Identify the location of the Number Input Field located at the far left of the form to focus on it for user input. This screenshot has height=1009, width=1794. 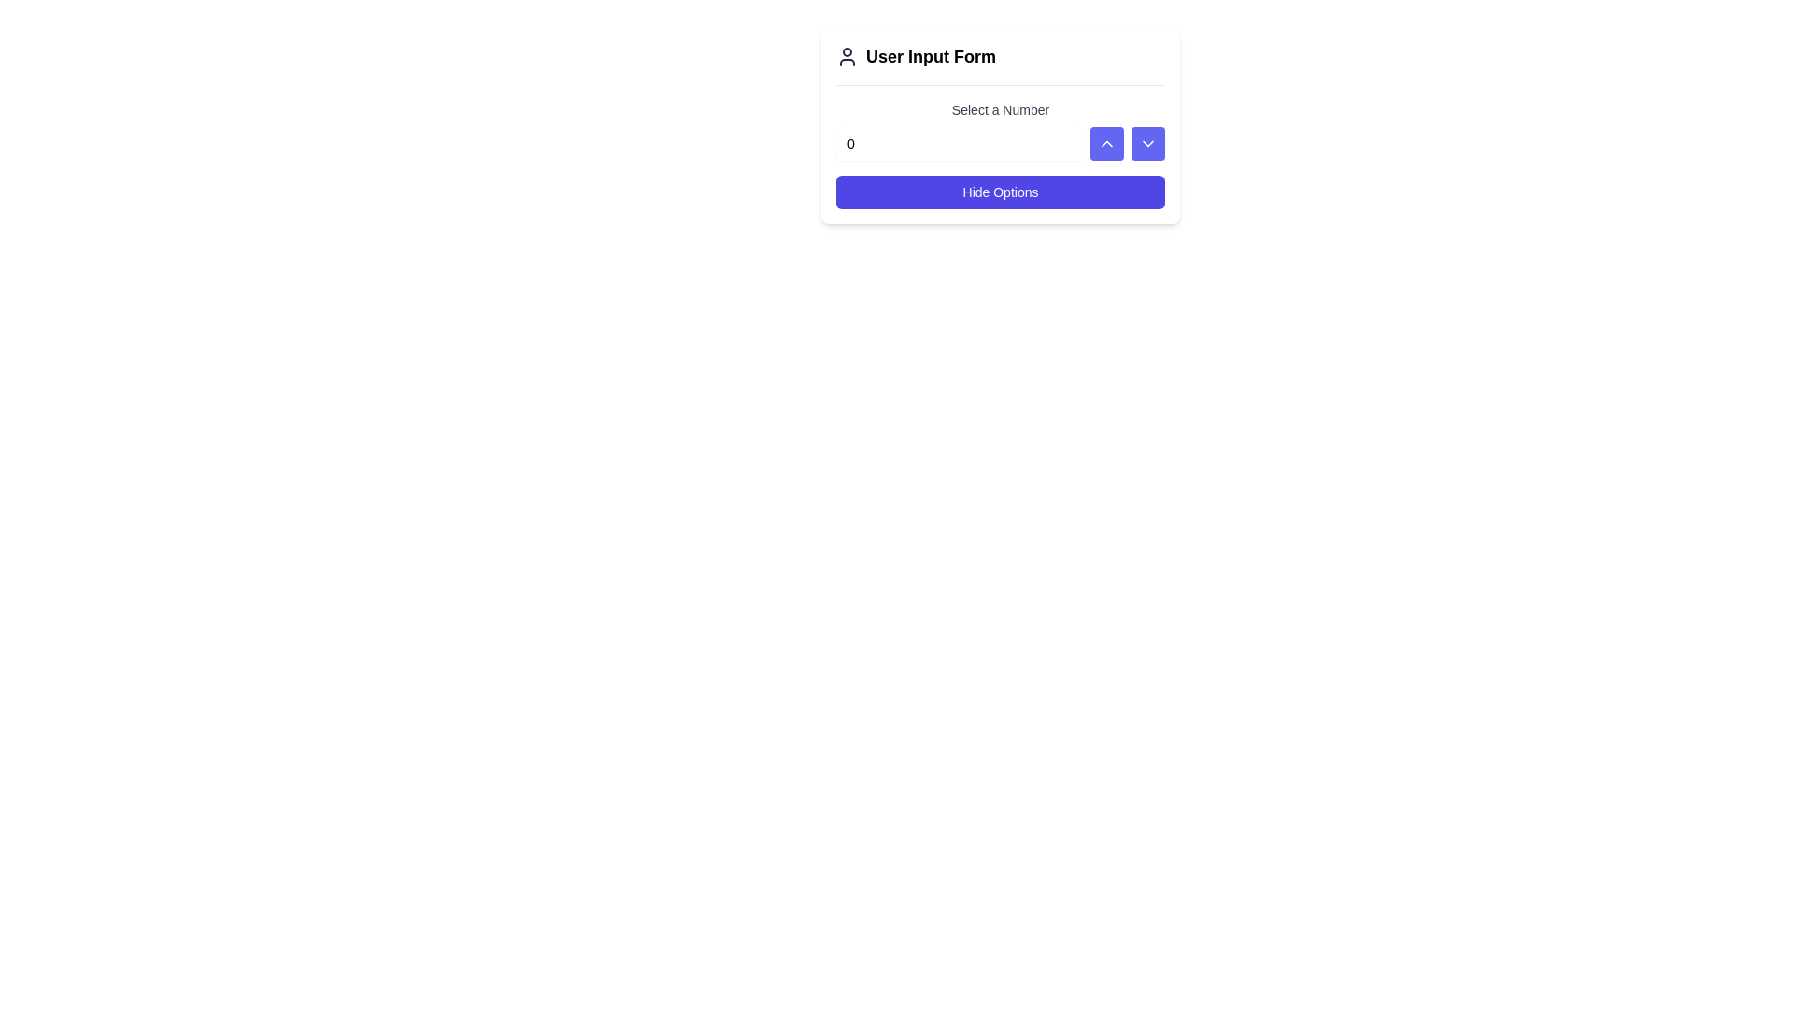
(960, 143).